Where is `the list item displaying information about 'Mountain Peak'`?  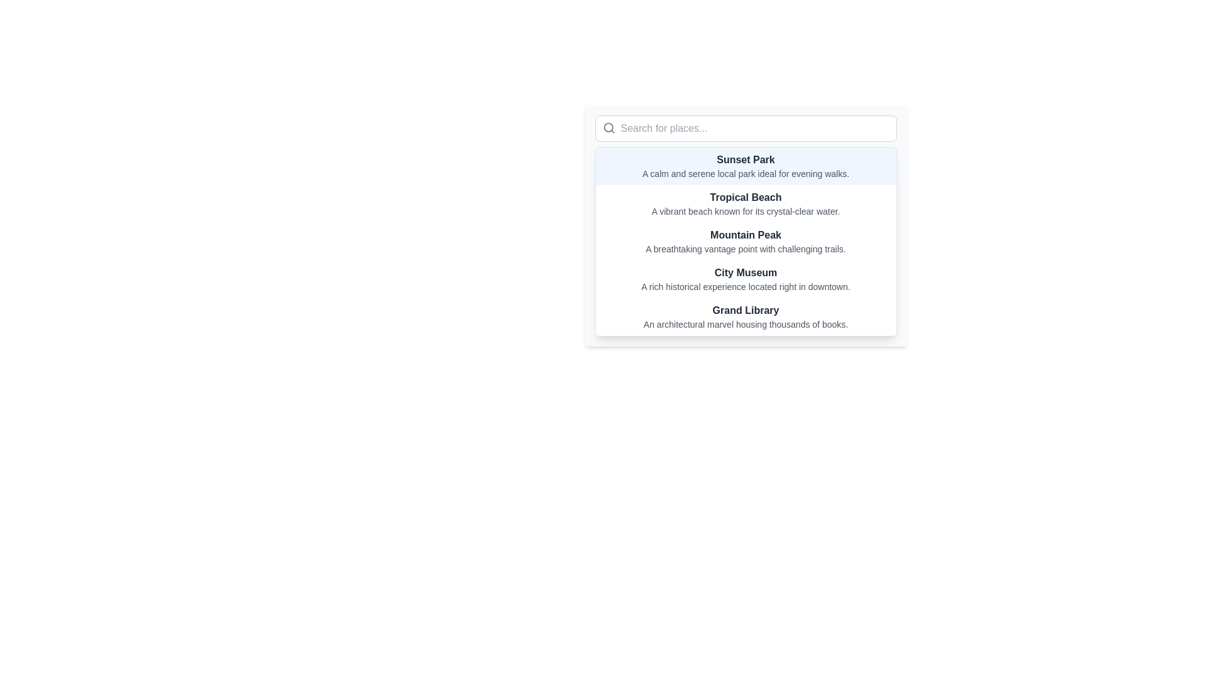 the list item displaying information about 'Mountain Peak' is located at coordinates (746, 242).